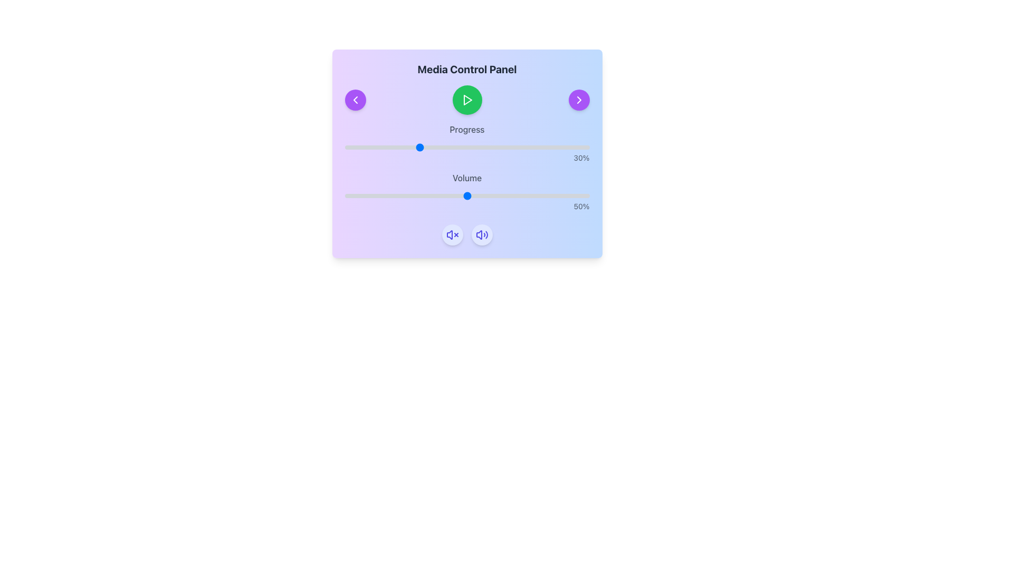 The width and height of the screenshot is (1013, 569). What do you see at coordinates (491, 148) in the screenshot?
I see `the progress` at bounding box center [491, 148].